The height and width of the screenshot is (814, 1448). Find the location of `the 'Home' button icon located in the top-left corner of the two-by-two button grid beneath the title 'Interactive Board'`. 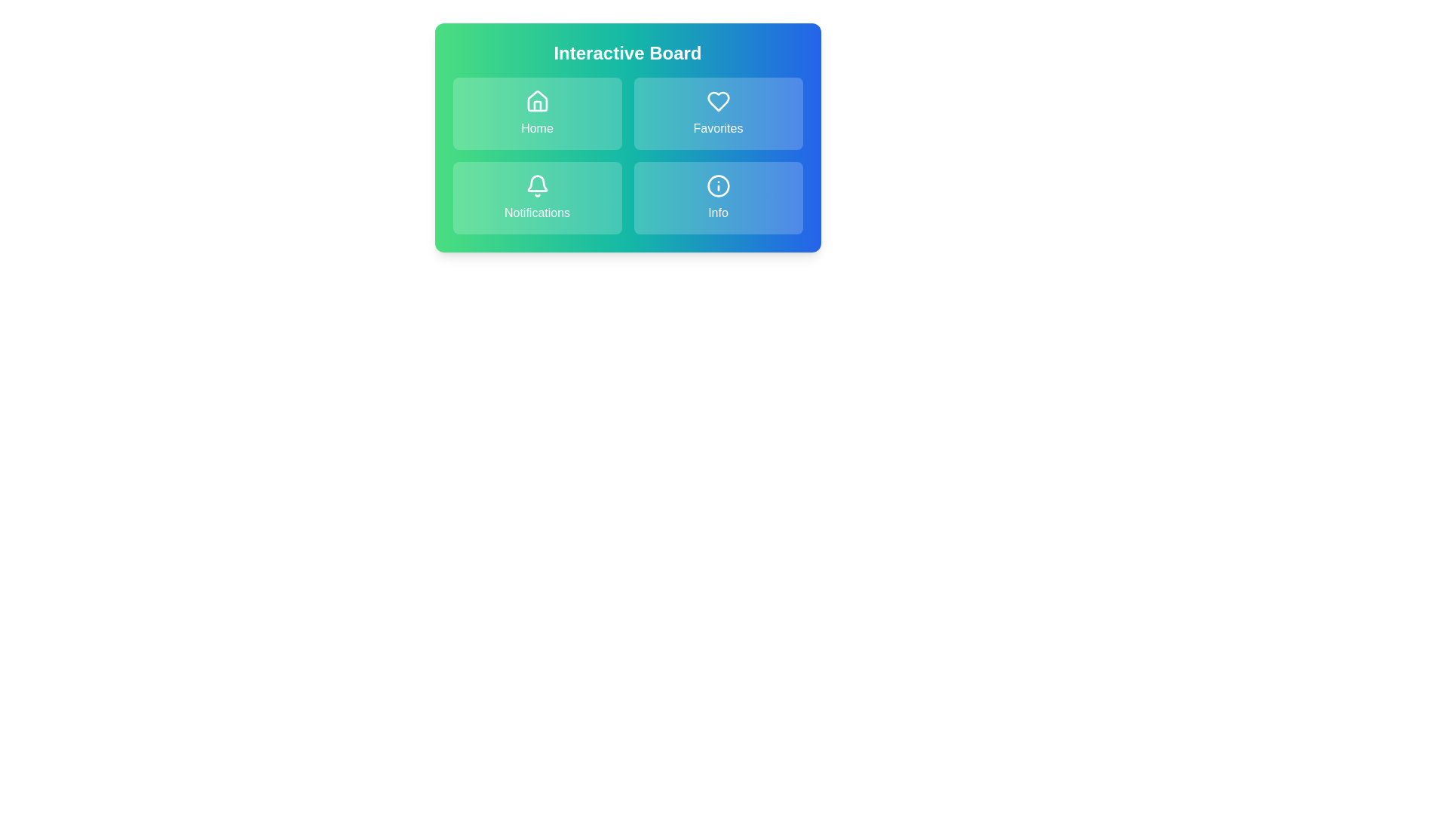

the 'Home' button icon located in the top-left corner of the two-by-two button grid beneath the title 'Interactive Board' is located at coordinates (537, 102).